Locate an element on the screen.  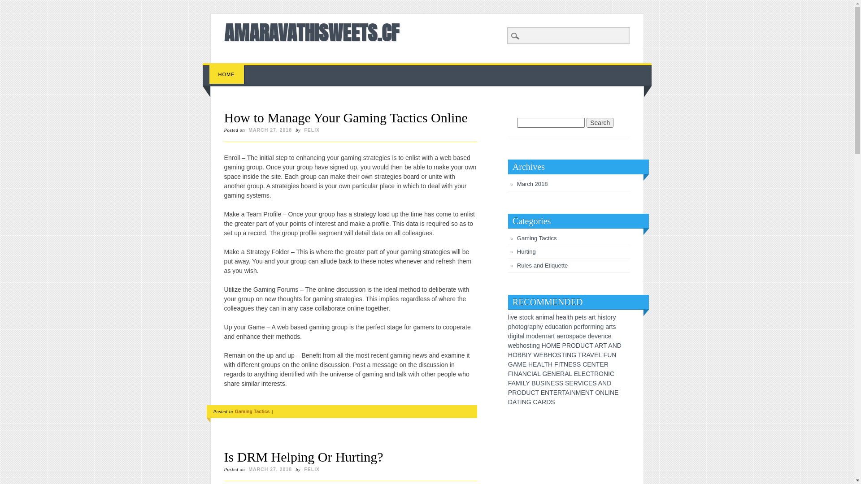
'W' is located at coordinates (536, 354).